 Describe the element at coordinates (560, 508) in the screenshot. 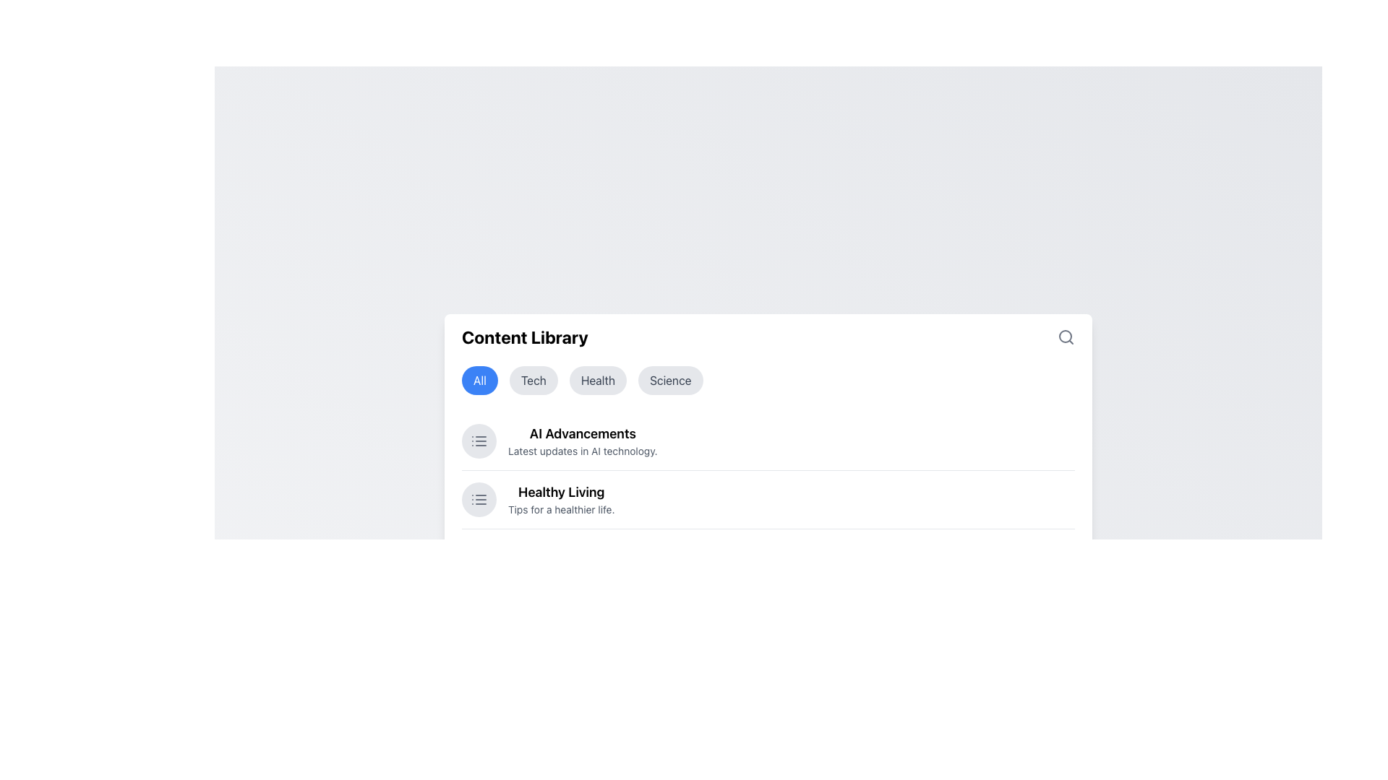

I see `the text label that reads 'Tips for a healthier life.' located below the title 'Healthy Living'` at that location.